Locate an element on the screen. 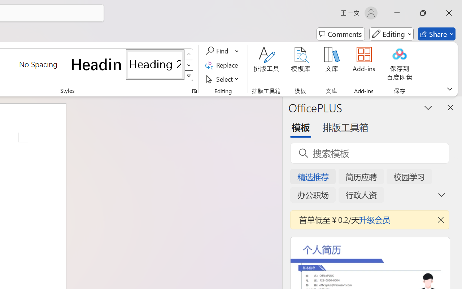  'Share' is located at coordinates (436, 34).